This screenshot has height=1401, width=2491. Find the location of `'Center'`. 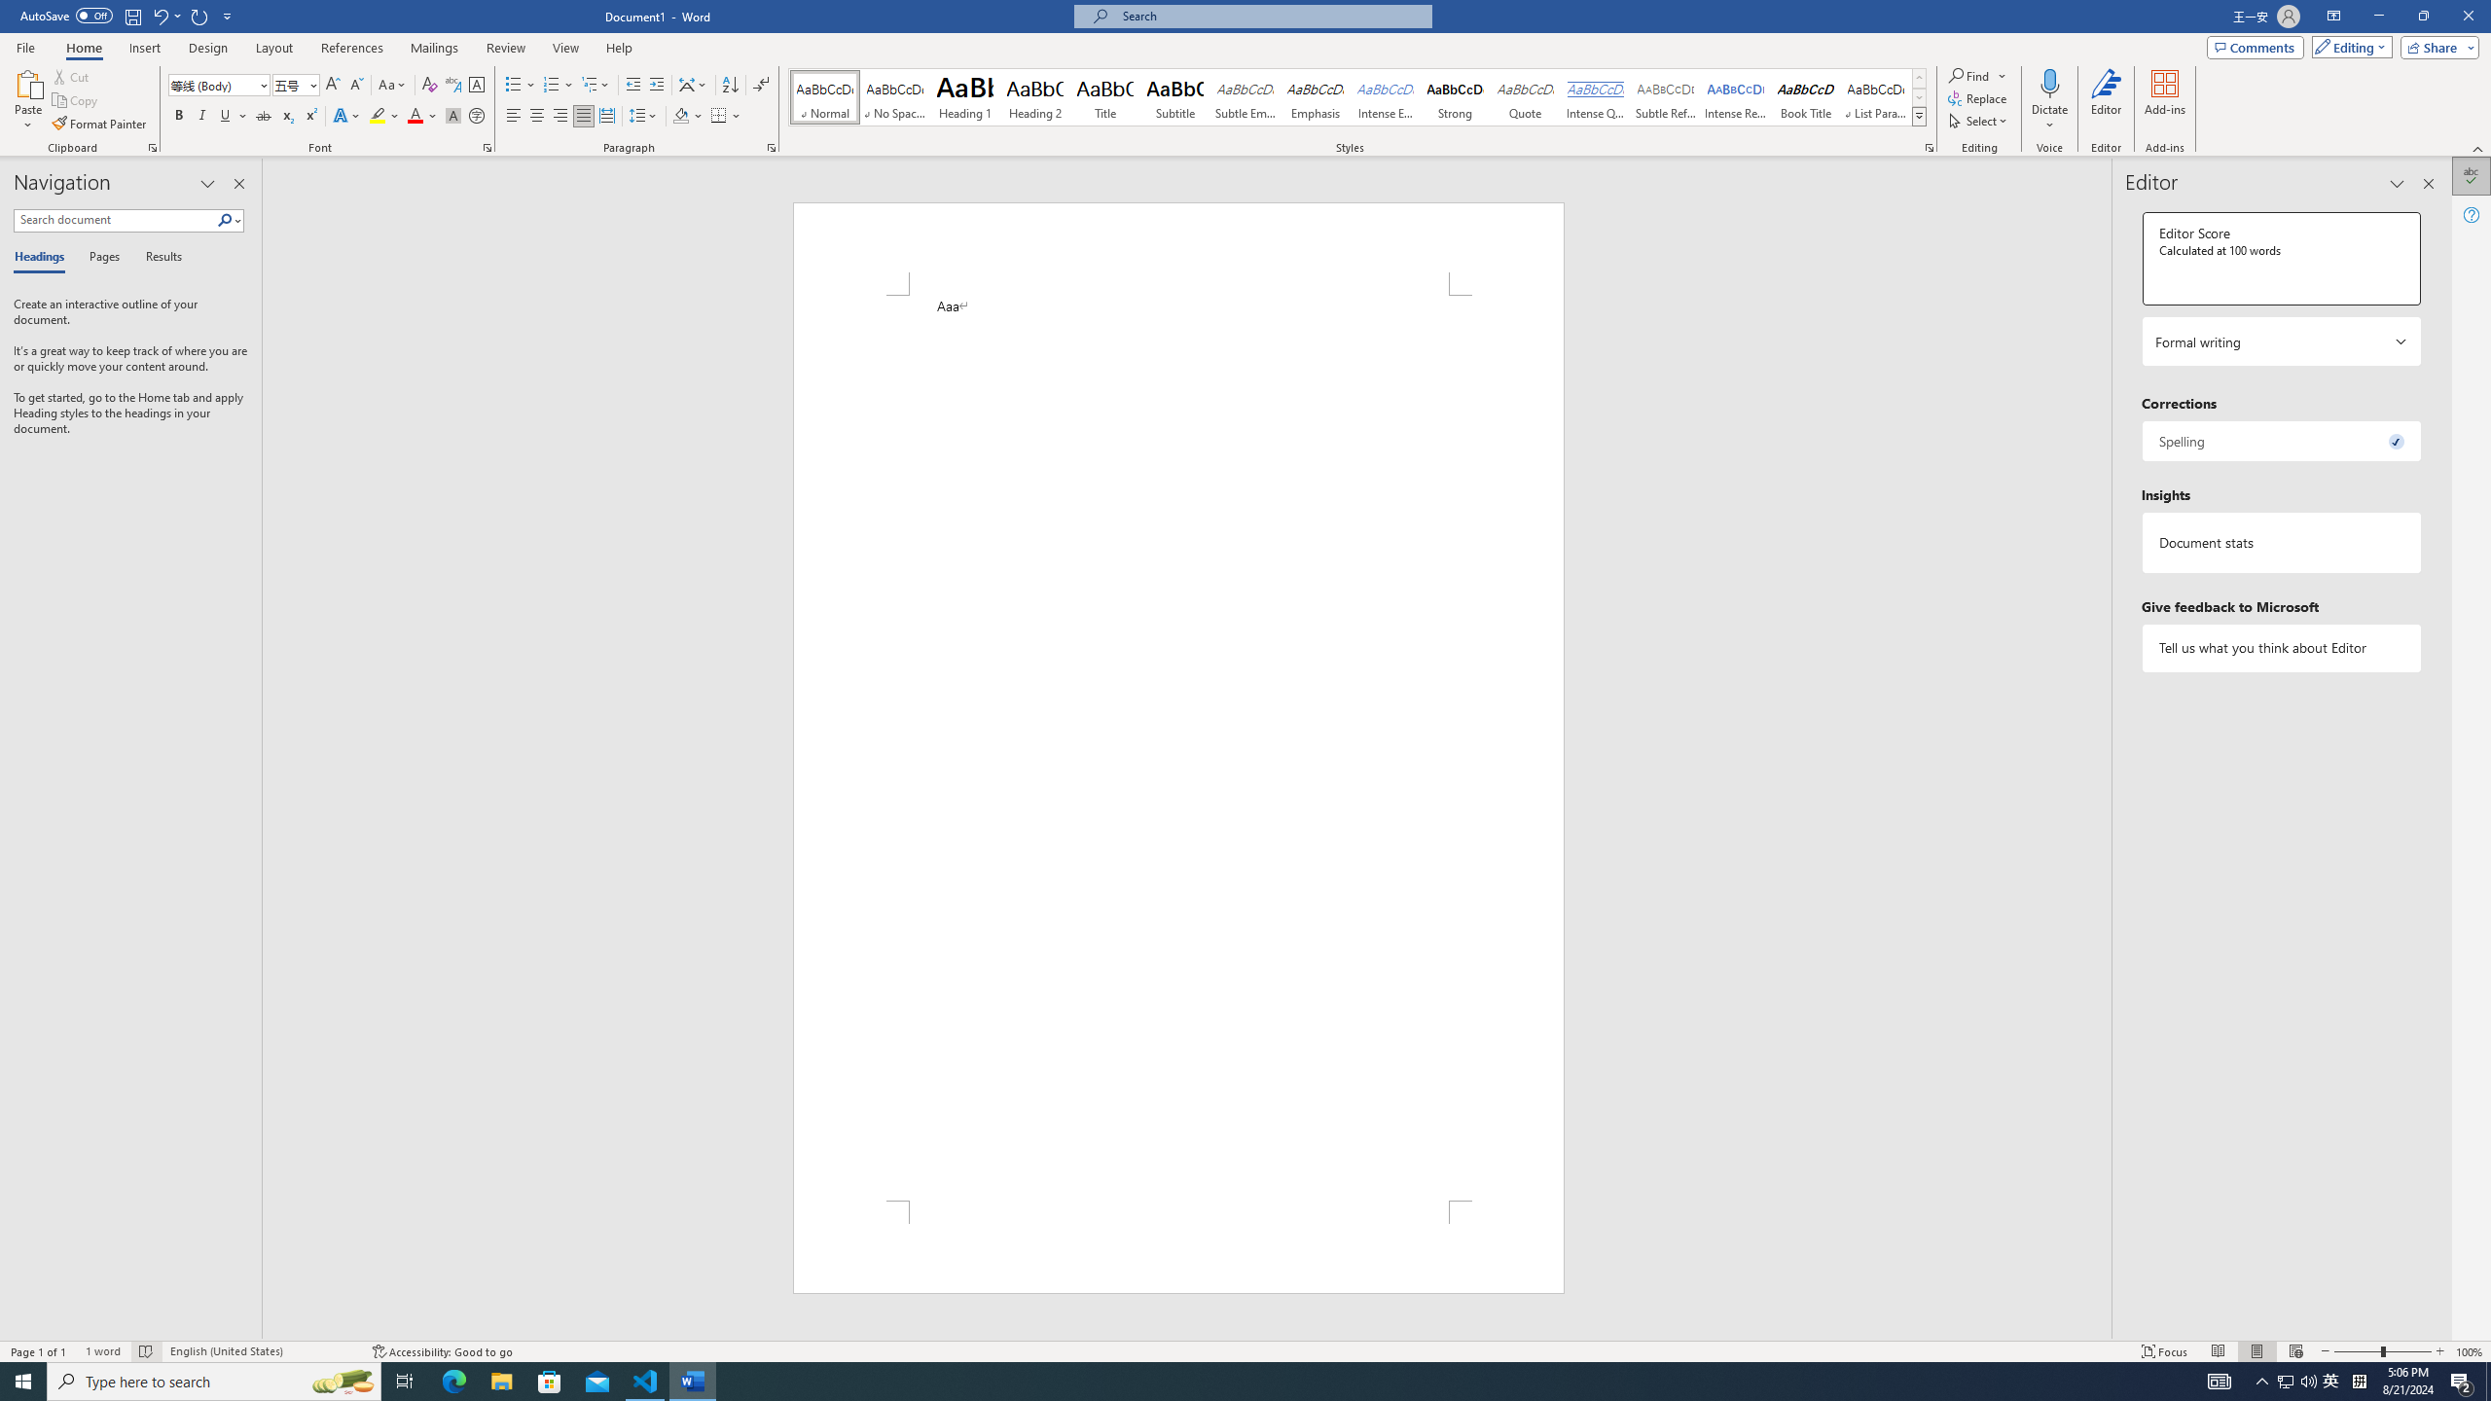

'Center' is located at coordinates (535, 115).